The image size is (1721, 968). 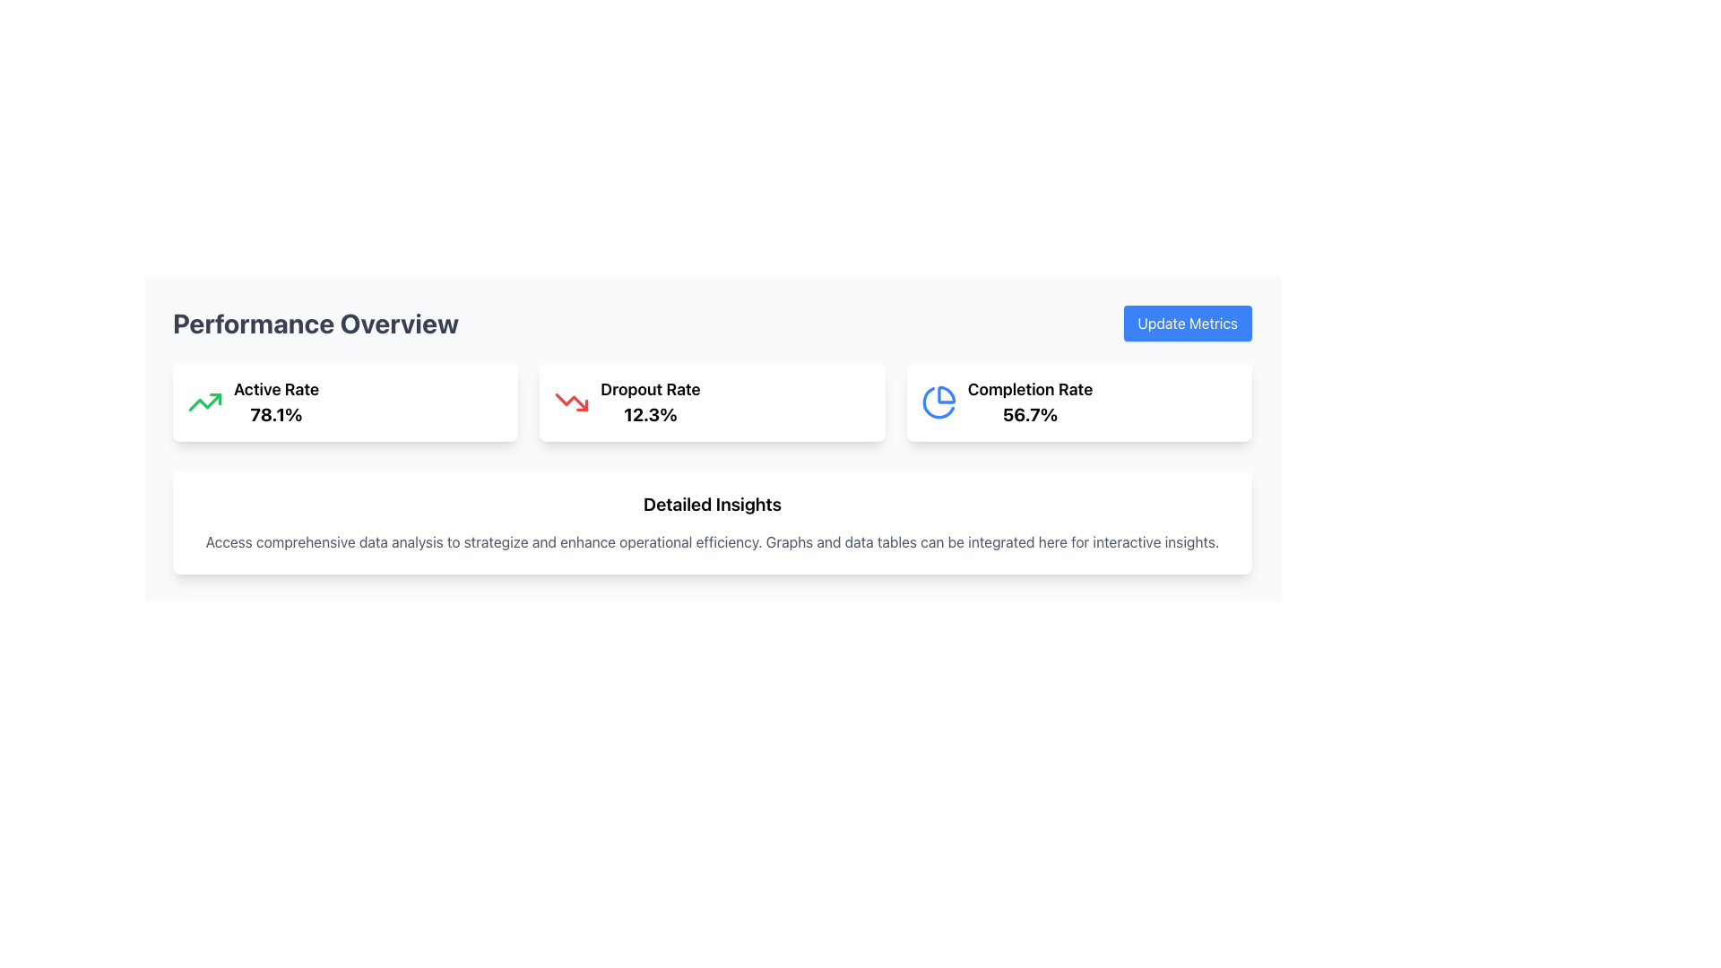 What do you see at coordinates (571, 401) in the screenshot?
I see `the red line graph icon with a downward trend located in the 'Dropout Rate' card, positioned to the left of '12.3%' and 'Dropout Rate'` at bounding box center [571, 401].